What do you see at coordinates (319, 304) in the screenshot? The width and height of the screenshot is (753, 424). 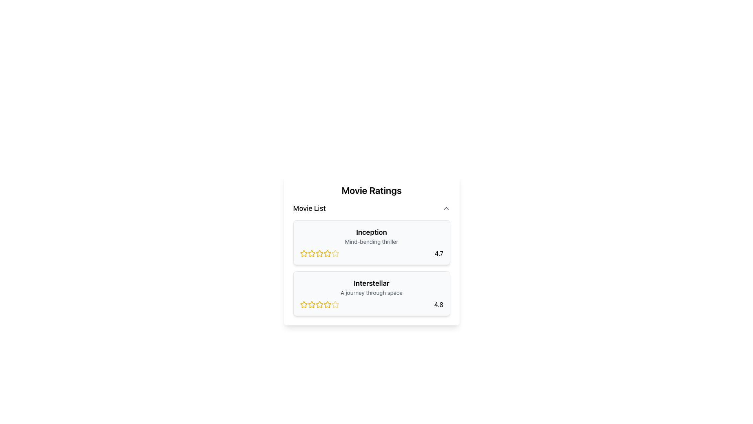 I see `the fifth yellow star-shaped rating icon for the movie 'Interstellar', which is part of a series of six stars positioned below the title and description` at bounding box center [319, 304].